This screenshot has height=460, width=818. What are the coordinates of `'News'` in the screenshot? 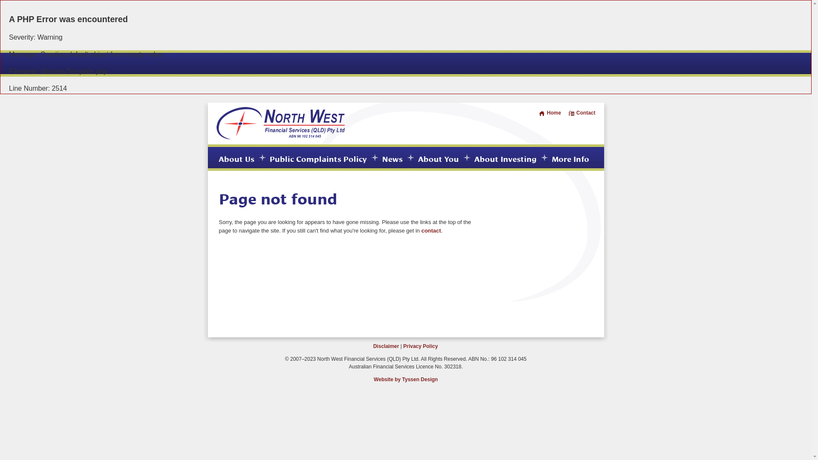 It's located at (392, 158).